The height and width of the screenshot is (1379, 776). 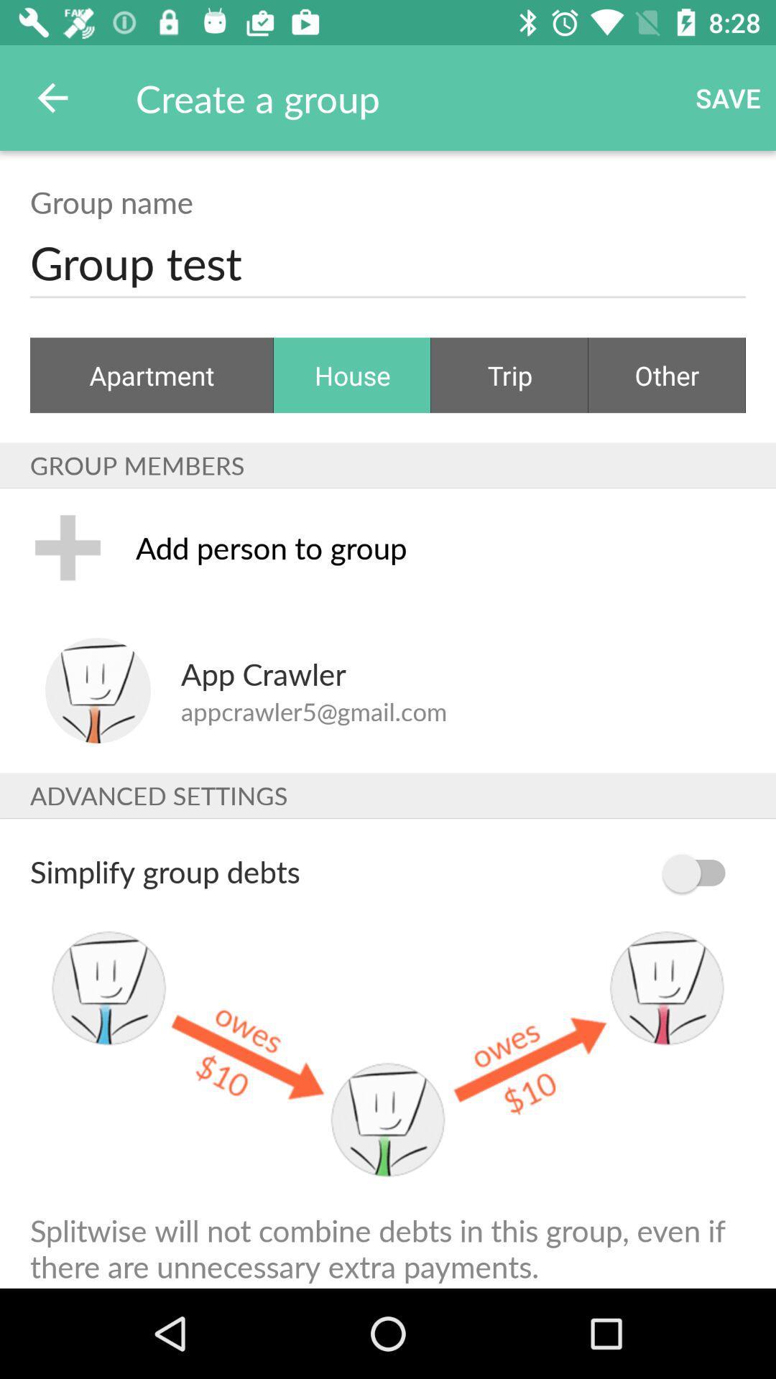 I want to click on add person to, so click(x=440, y=547).